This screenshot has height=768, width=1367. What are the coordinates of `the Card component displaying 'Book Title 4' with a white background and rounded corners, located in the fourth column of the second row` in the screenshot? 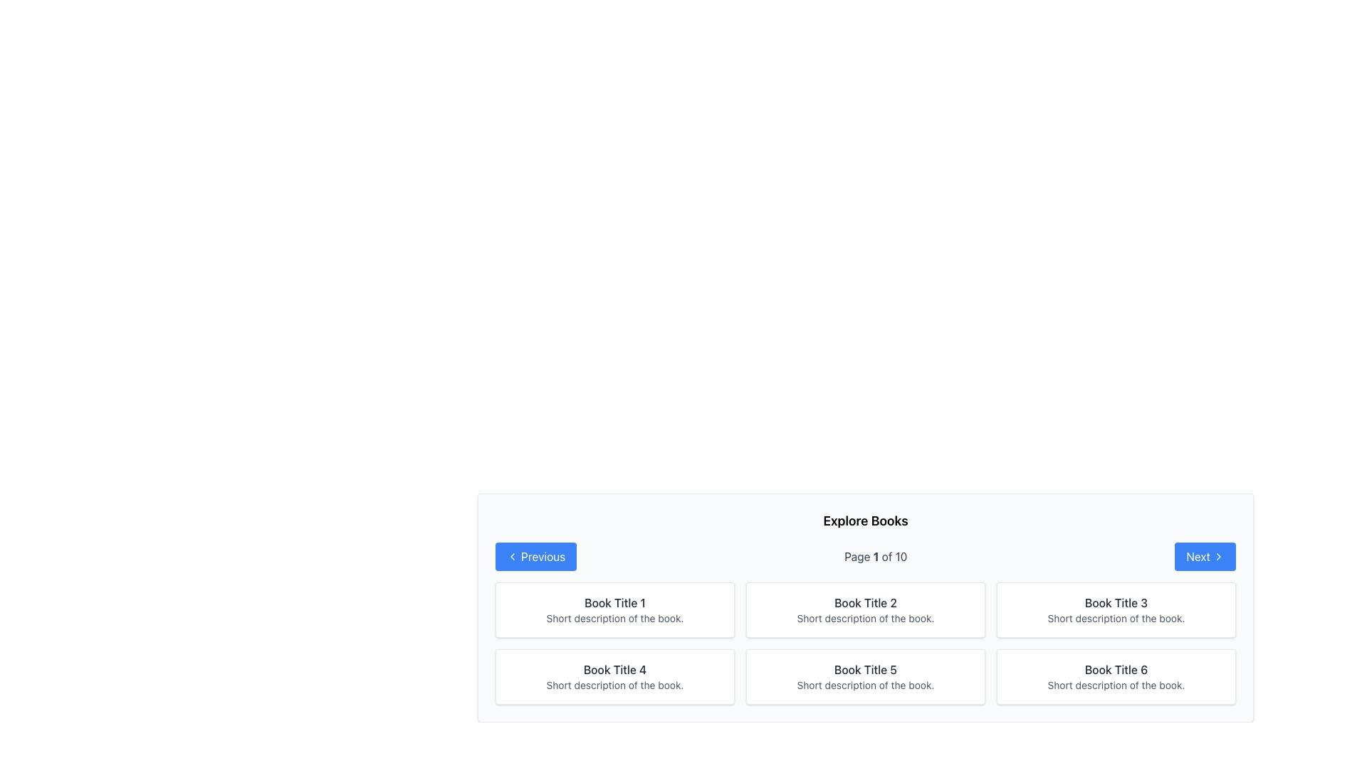 It's located at (615, 676).